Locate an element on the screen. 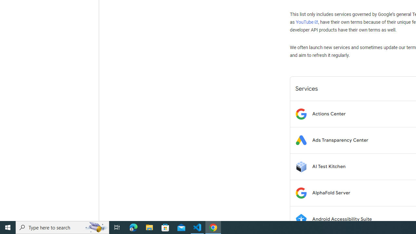 This screenshot has height=234, width=416. 'Logo for Actions Center' is located at coordinates (301, 113).